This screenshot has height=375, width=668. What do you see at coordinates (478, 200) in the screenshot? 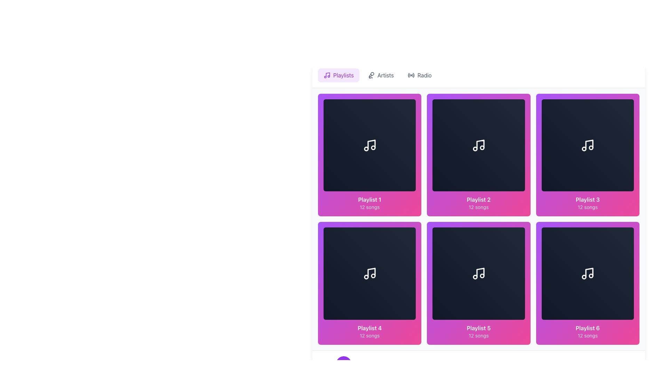
I see `the text label 'Playlist 2' styled in bold white font located in the second tile of a 3x2 grid layout to focus on it` at bounding box center [478, 200].